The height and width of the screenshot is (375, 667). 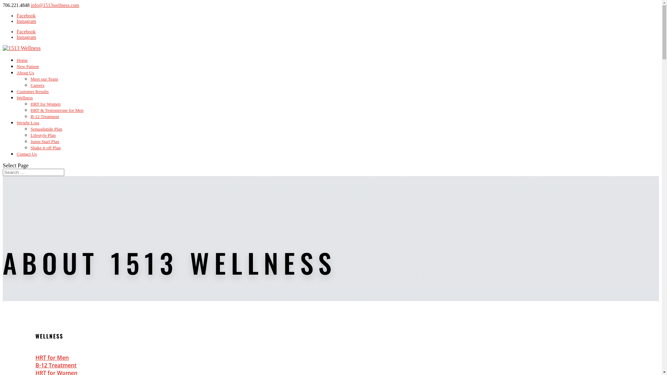 What do you see at coordinates (54, 5) in the screenshot?
I see `'info@1513wellness.com'` at bounding box center [54, 5].